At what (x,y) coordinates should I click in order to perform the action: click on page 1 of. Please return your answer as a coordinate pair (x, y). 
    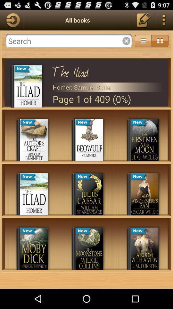
    Looking at the image, I should click on (108, 99).